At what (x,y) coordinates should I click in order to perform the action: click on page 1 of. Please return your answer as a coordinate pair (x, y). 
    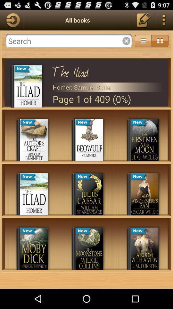
    Looking at the image, I should click on (108, 99).